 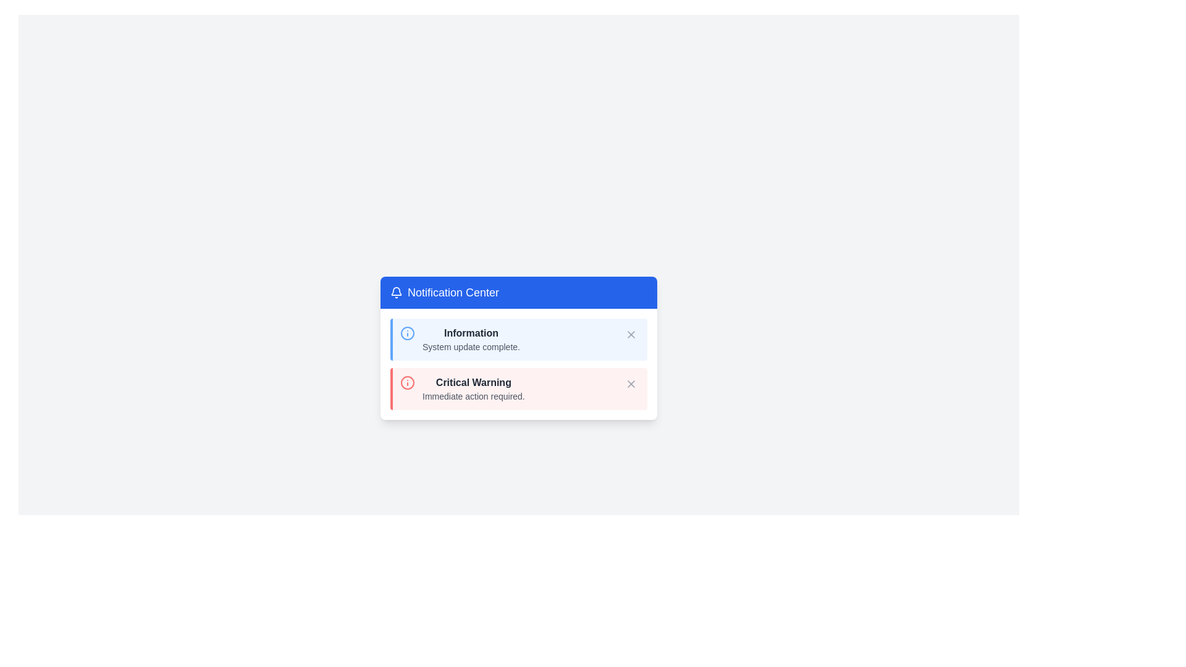 What do you see at coordinates (473, 388) in the screenshot?
I see `the 'Critical Warning' notification, which is a textual alert with a bold title and a light red background located in the notification panel` at bounding box center [473, 388].